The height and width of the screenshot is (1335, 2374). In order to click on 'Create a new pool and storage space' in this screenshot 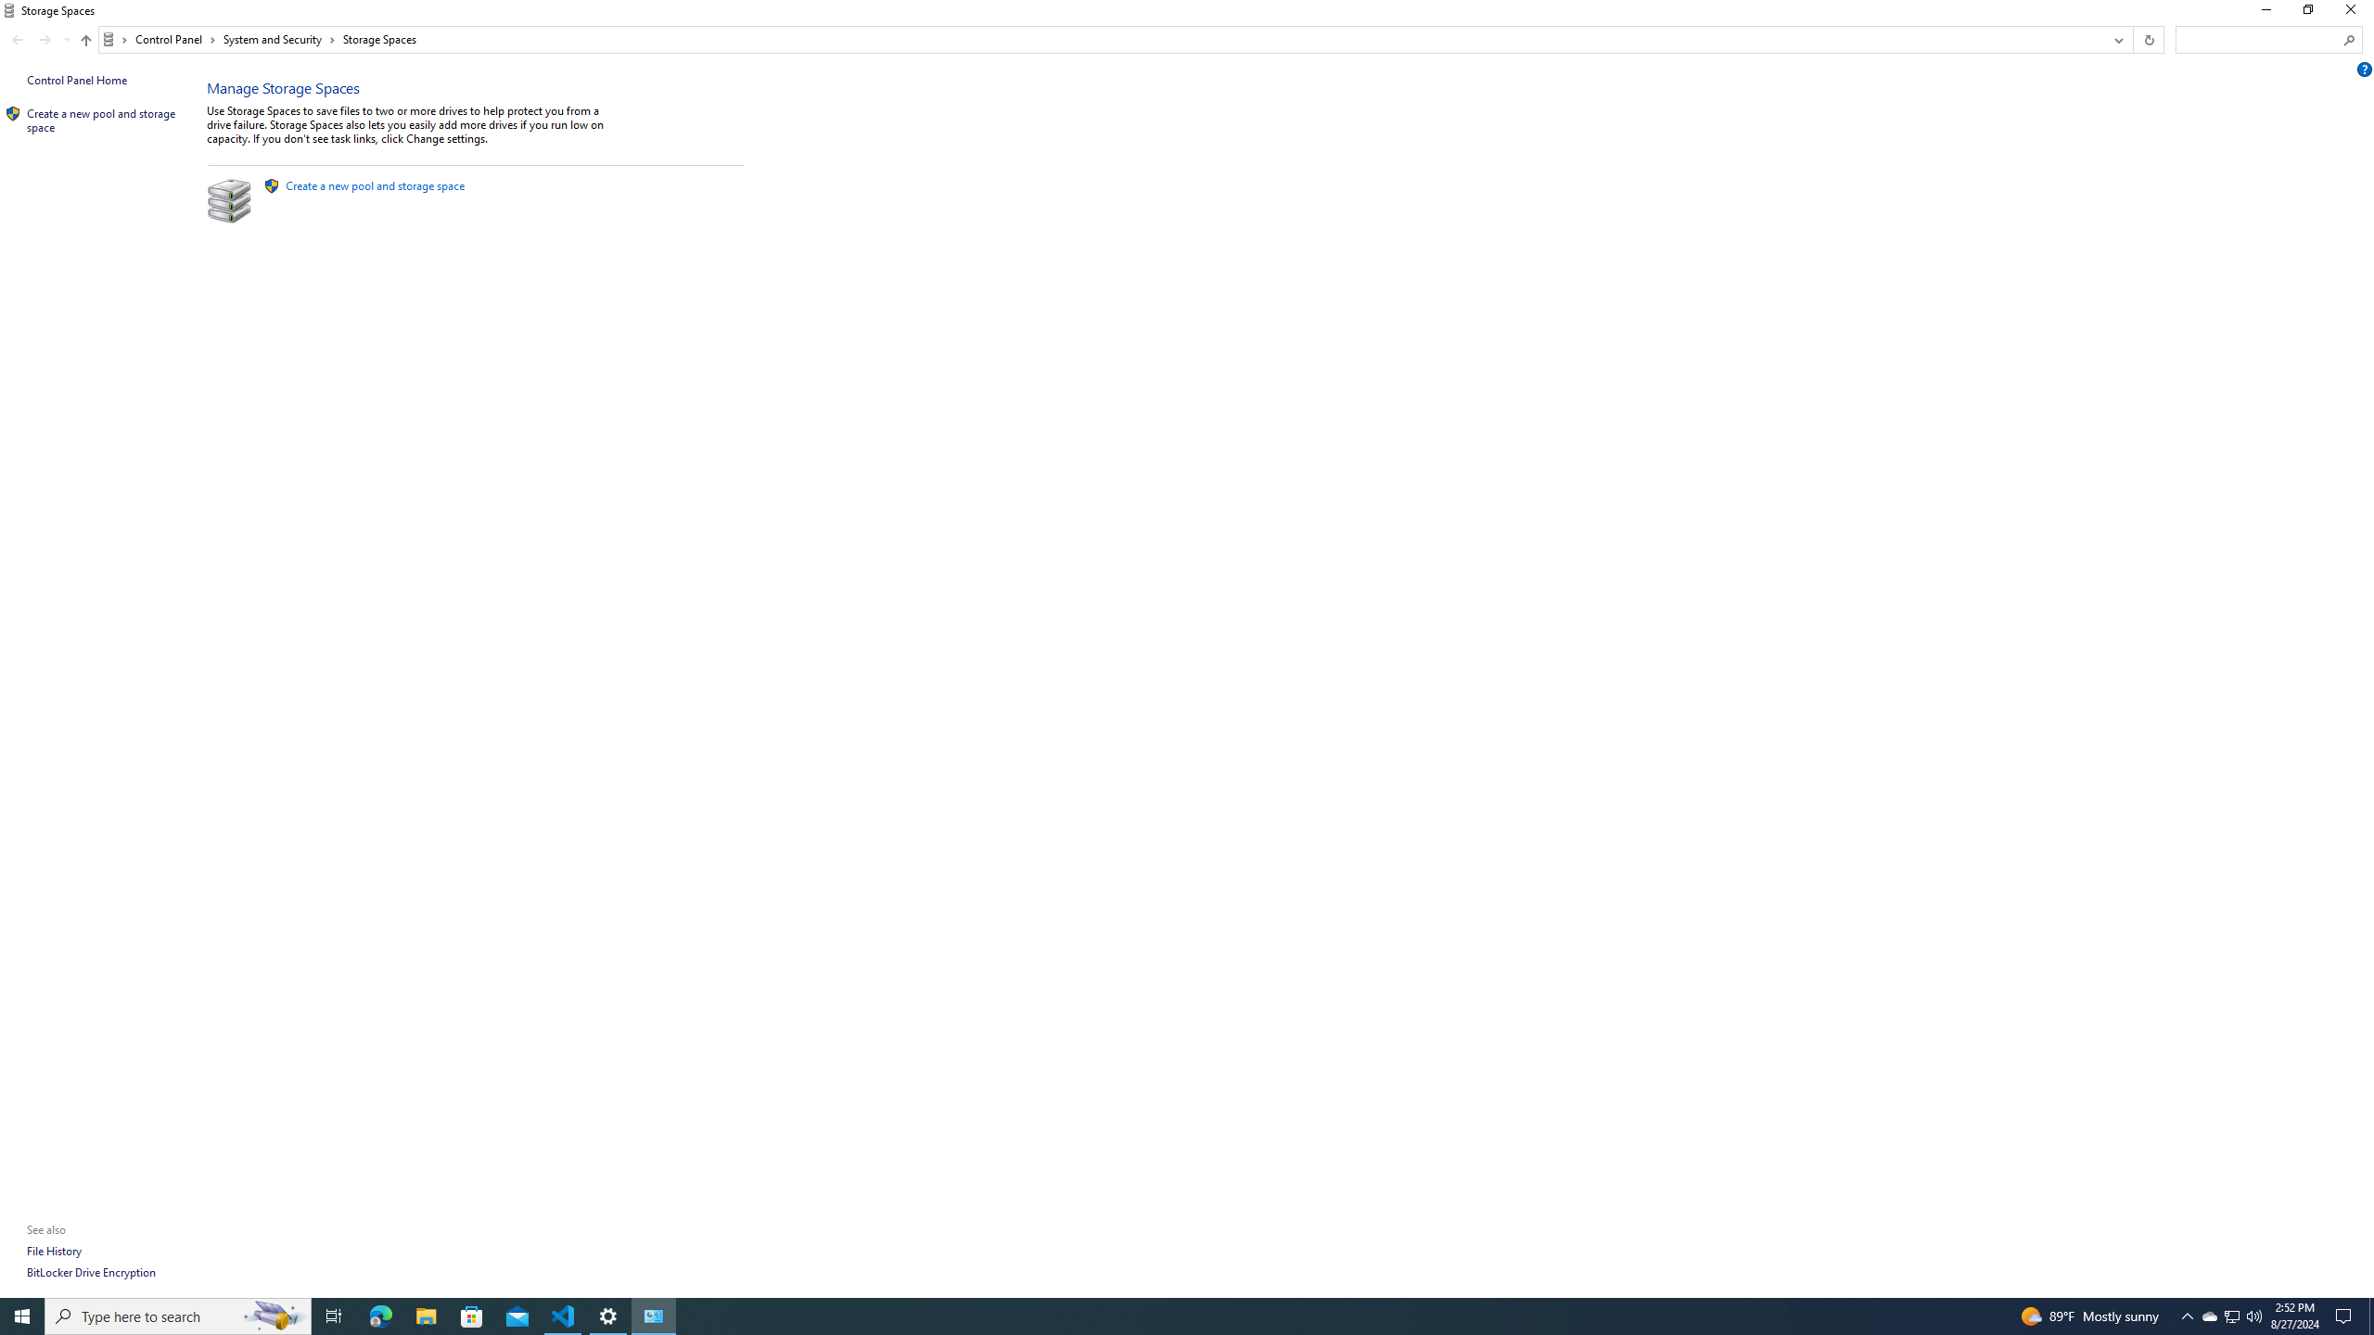, I will do `click(374, 184)`.